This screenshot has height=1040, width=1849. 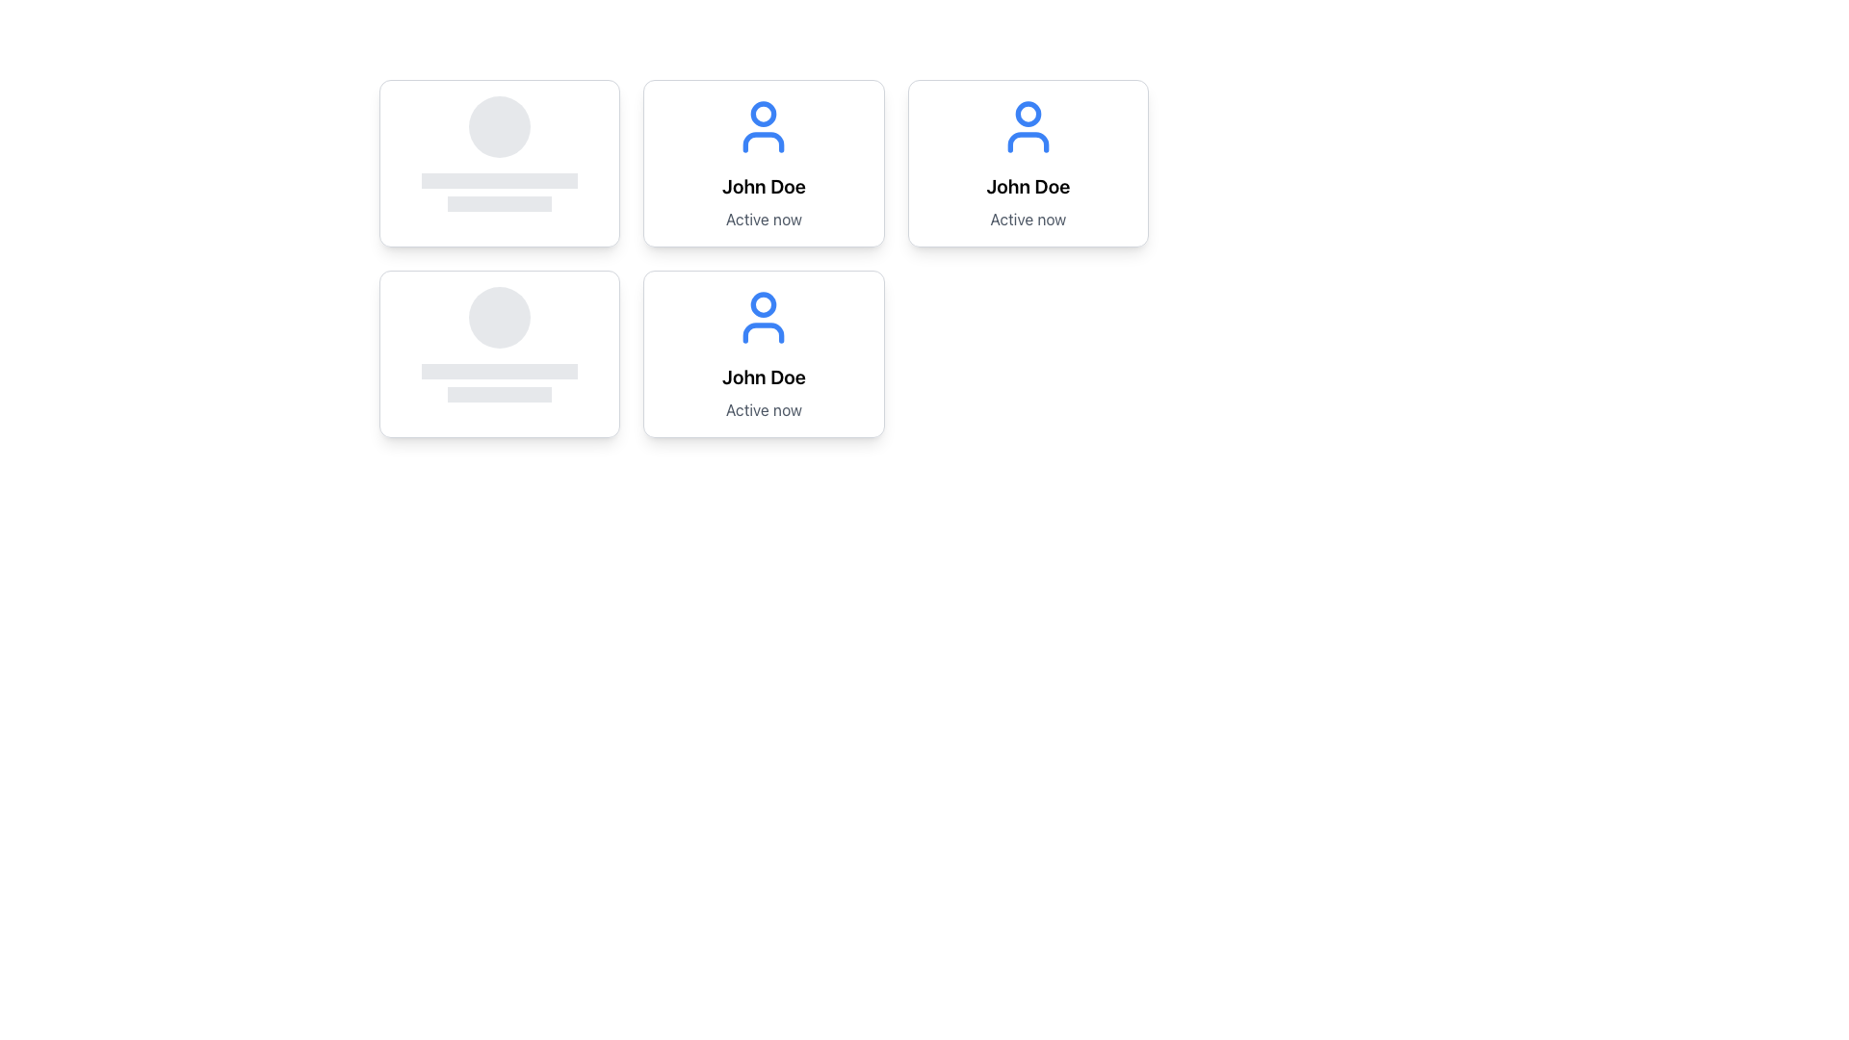 What do you see at coordinates (763, 114) in the screenshot?
I see `the circular SVG element that emphasizes the user icon's active status, located within the upper section of a blue-outlined user icon on the second card from the left in the top row` at bounding box center [763, 114].